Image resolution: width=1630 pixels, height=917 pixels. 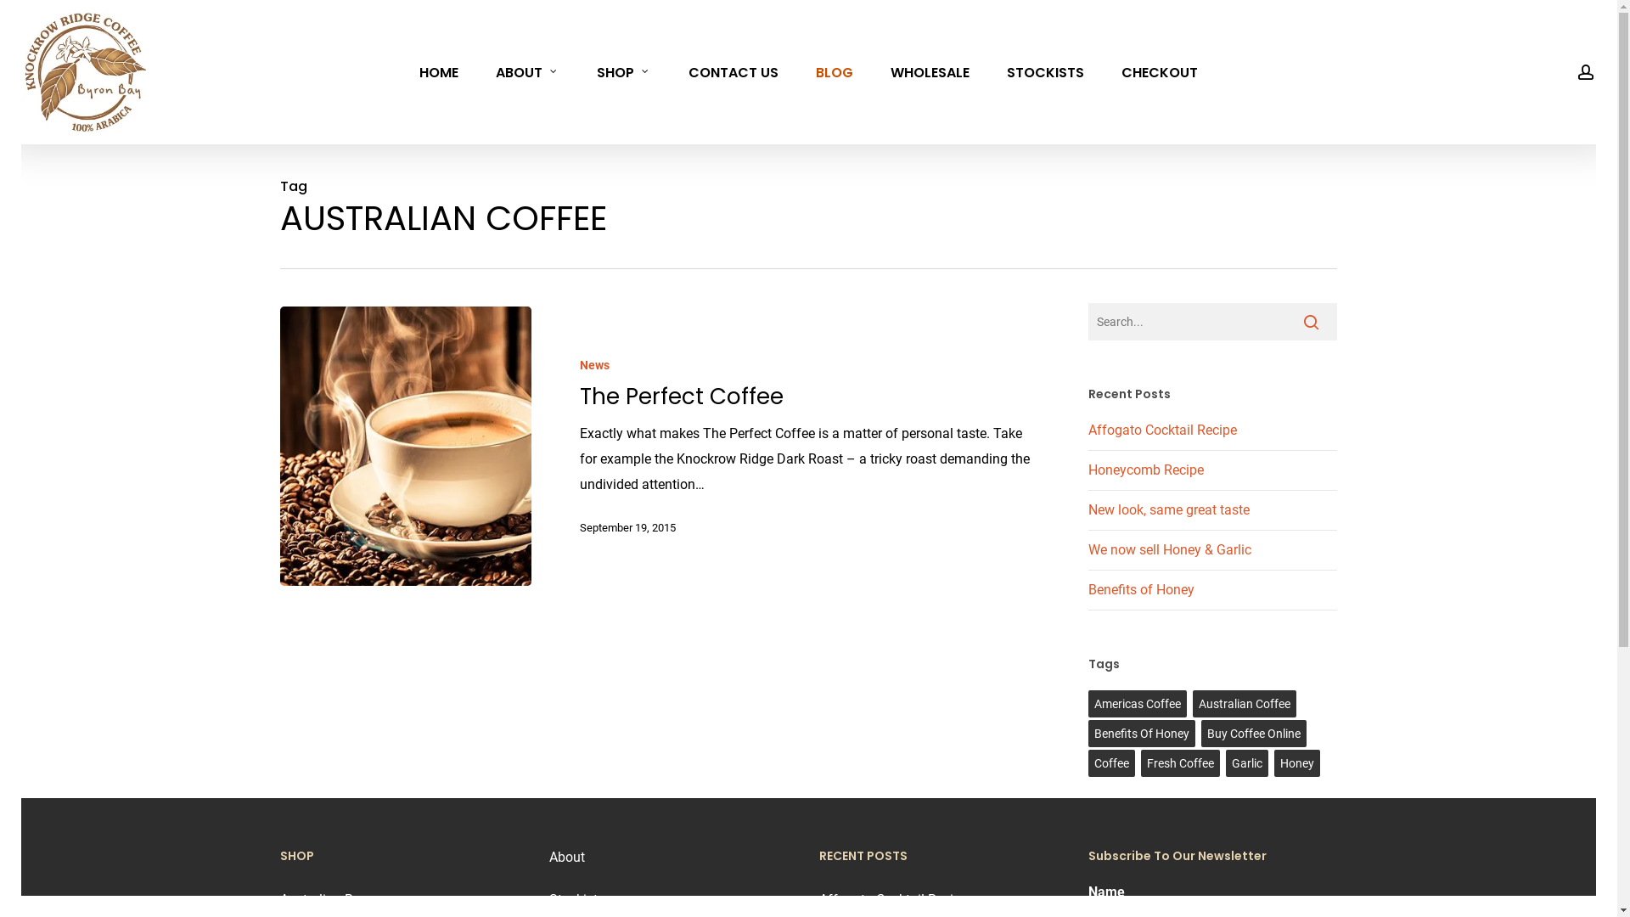 I want to click on 'HOME', so click(x=439, y=70).